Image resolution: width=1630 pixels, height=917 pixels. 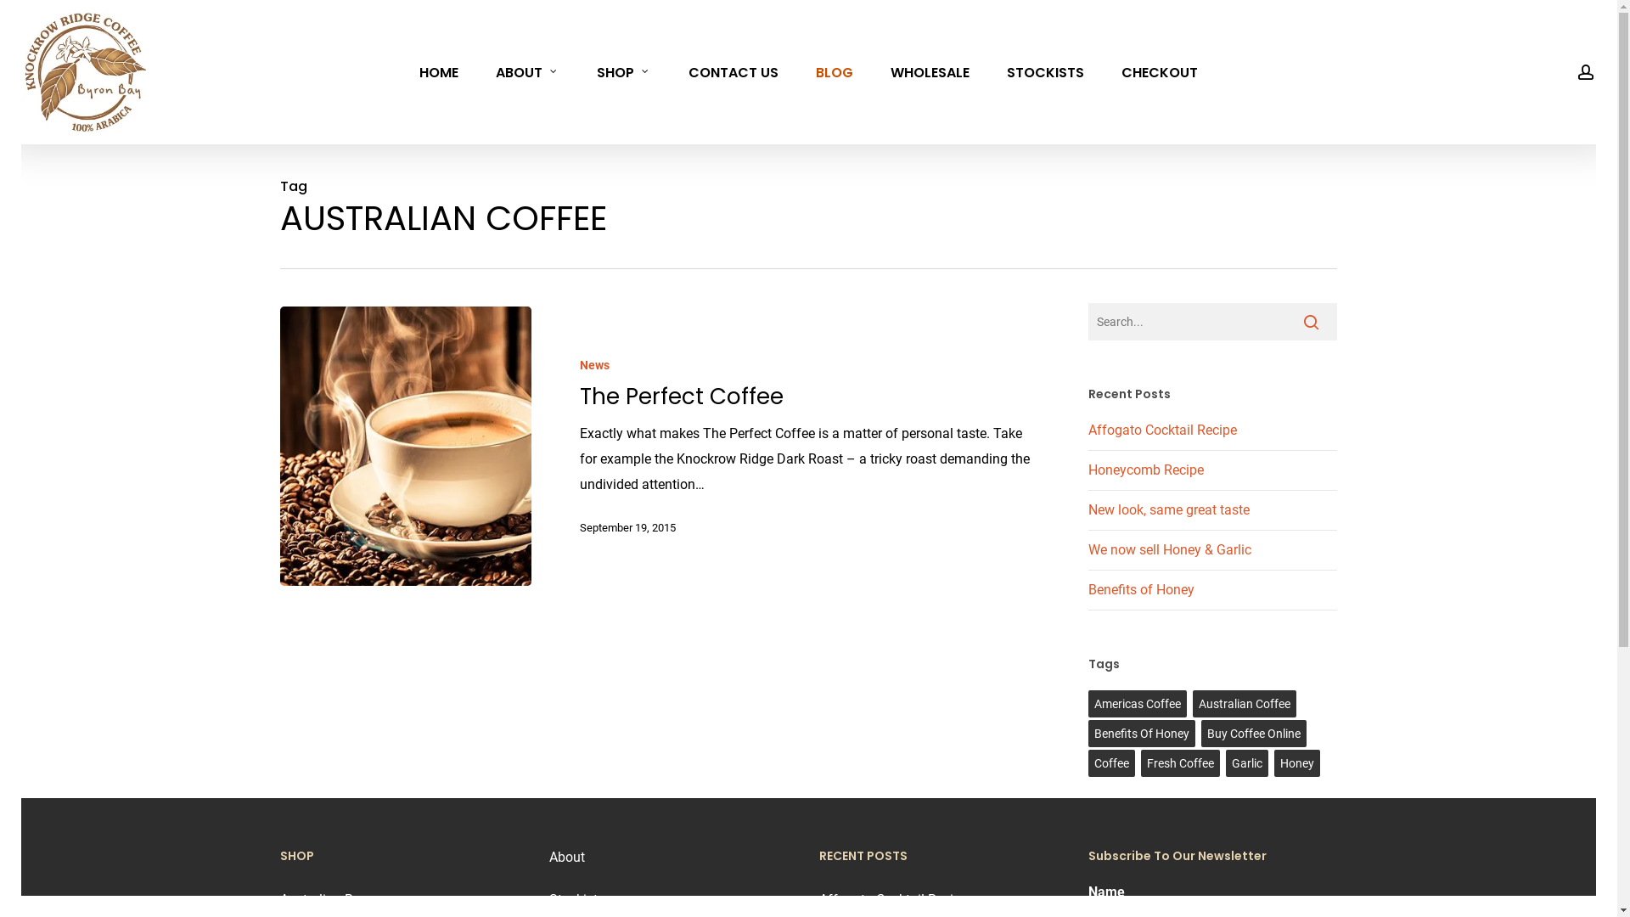 I want to click on 'HOME', so click(x=439, y=70).